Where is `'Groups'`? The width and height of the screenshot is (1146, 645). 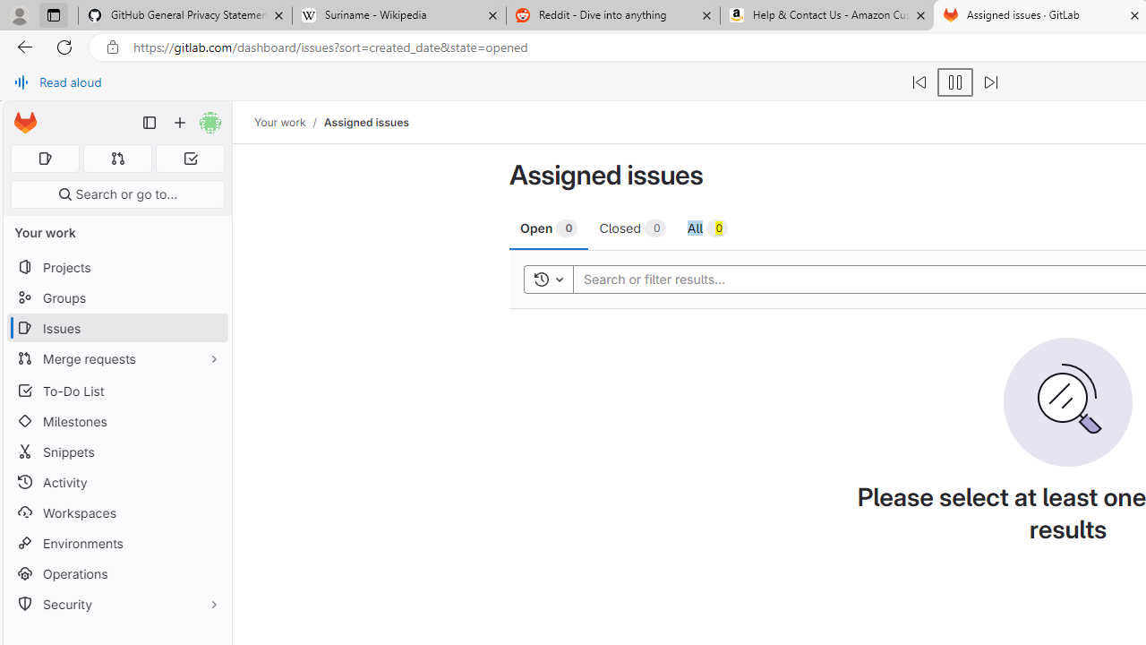 'Groups' is located at coordinates (116, 297).